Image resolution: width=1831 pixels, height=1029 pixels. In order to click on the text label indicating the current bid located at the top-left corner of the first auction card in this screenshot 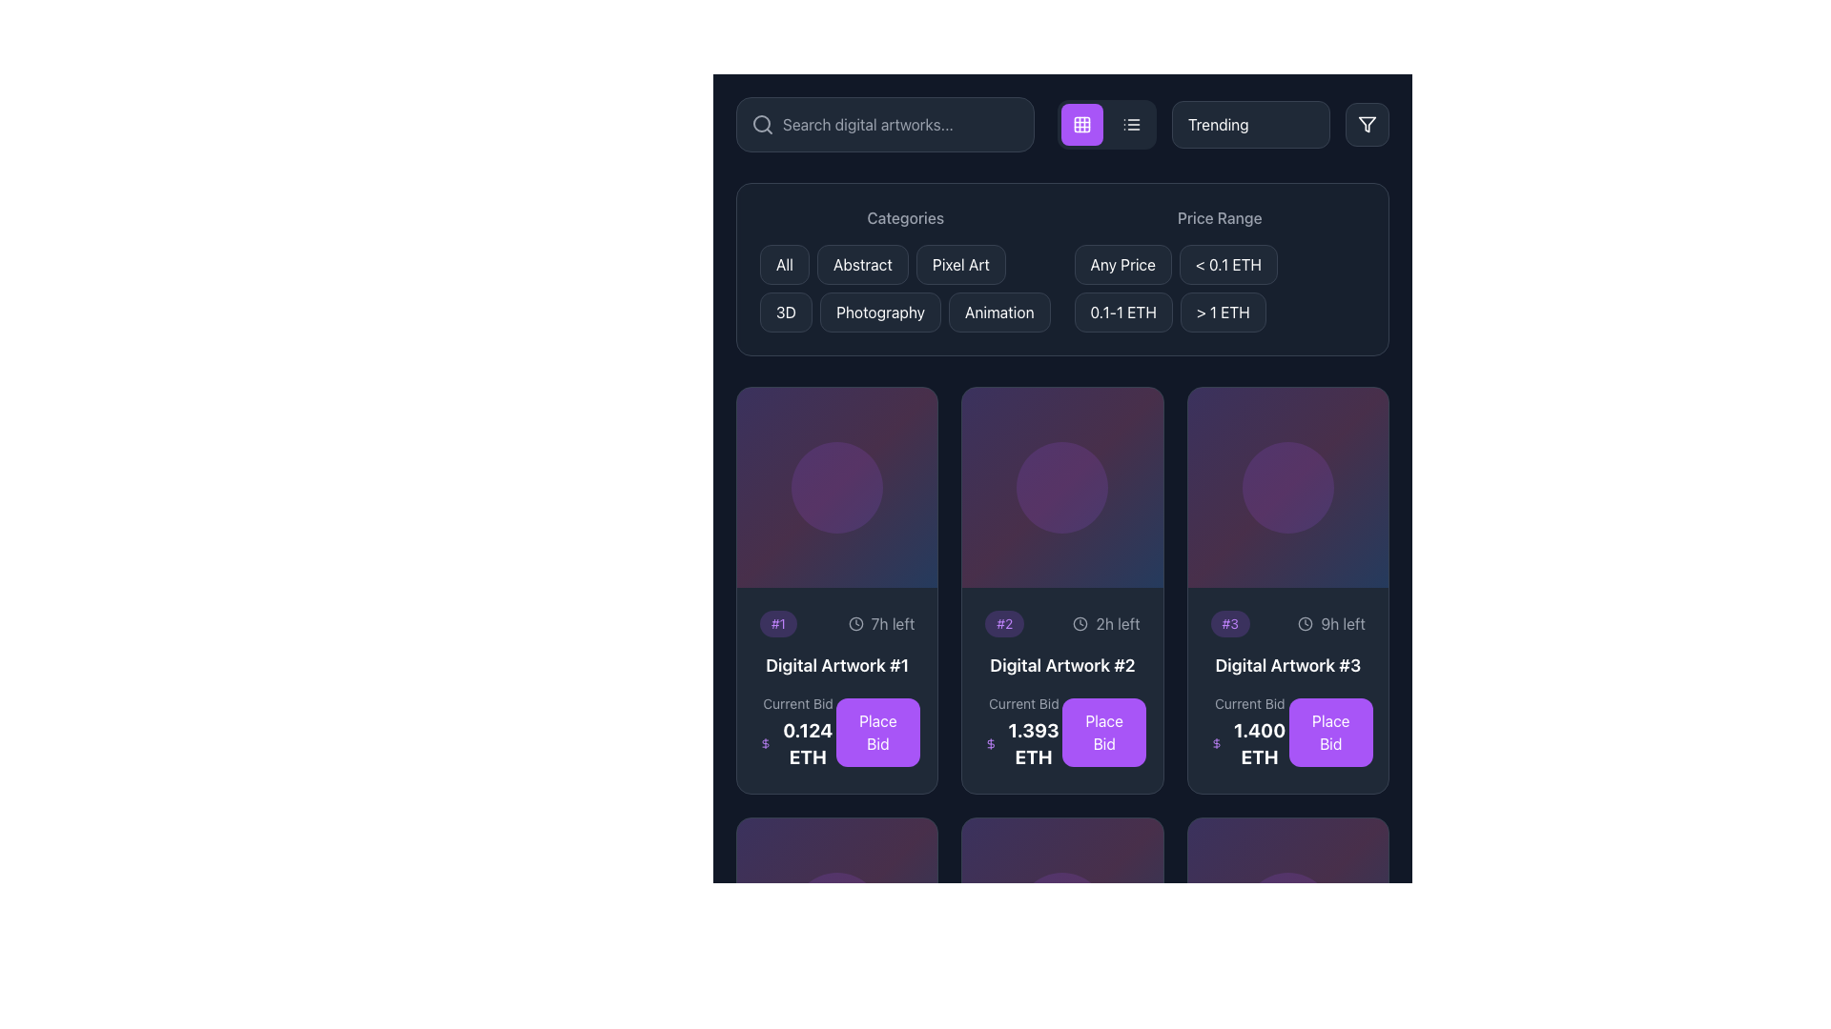, I will do `click(798, 704)`.